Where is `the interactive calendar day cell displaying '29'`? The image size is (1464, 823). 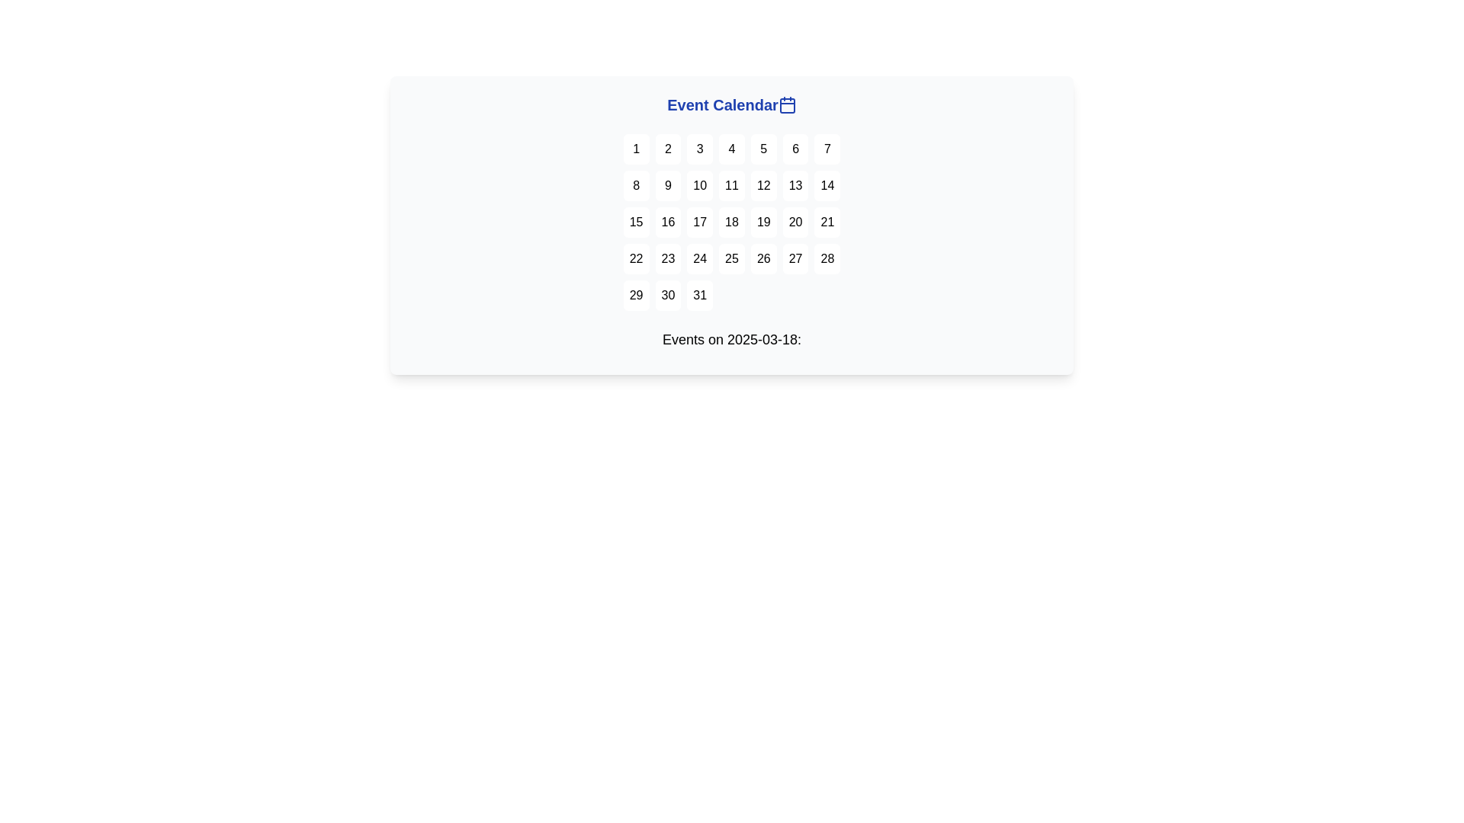 the interactive calendar day cell displaying '29' is located at coordinates (636, 296).